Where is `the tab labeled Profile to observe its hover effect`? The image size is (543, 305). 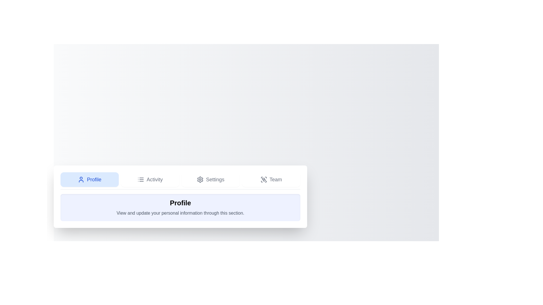 the tab labeled Profile to observe its hover effect is located at coordinates (89, 179).